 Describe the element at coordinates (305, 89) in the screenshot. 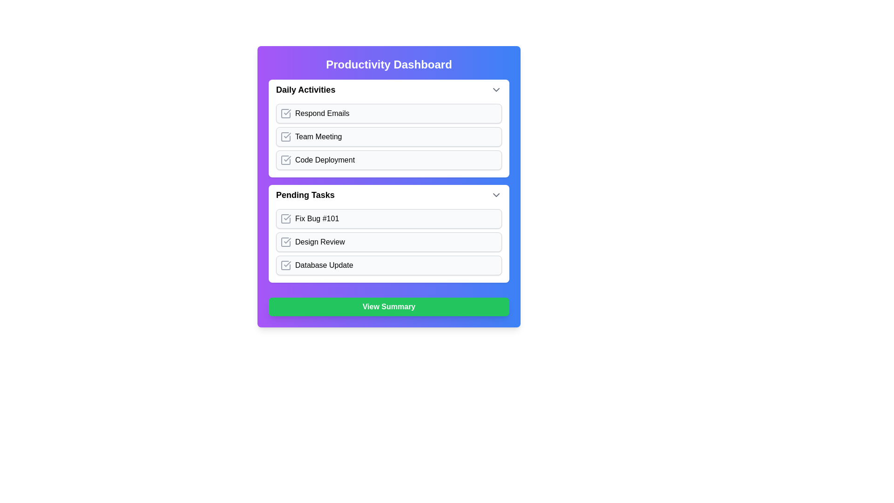

I see `the 'Daily Activities' text label at the top of the section, which is styled in bold and larger font to indicate its title significance` at that location.